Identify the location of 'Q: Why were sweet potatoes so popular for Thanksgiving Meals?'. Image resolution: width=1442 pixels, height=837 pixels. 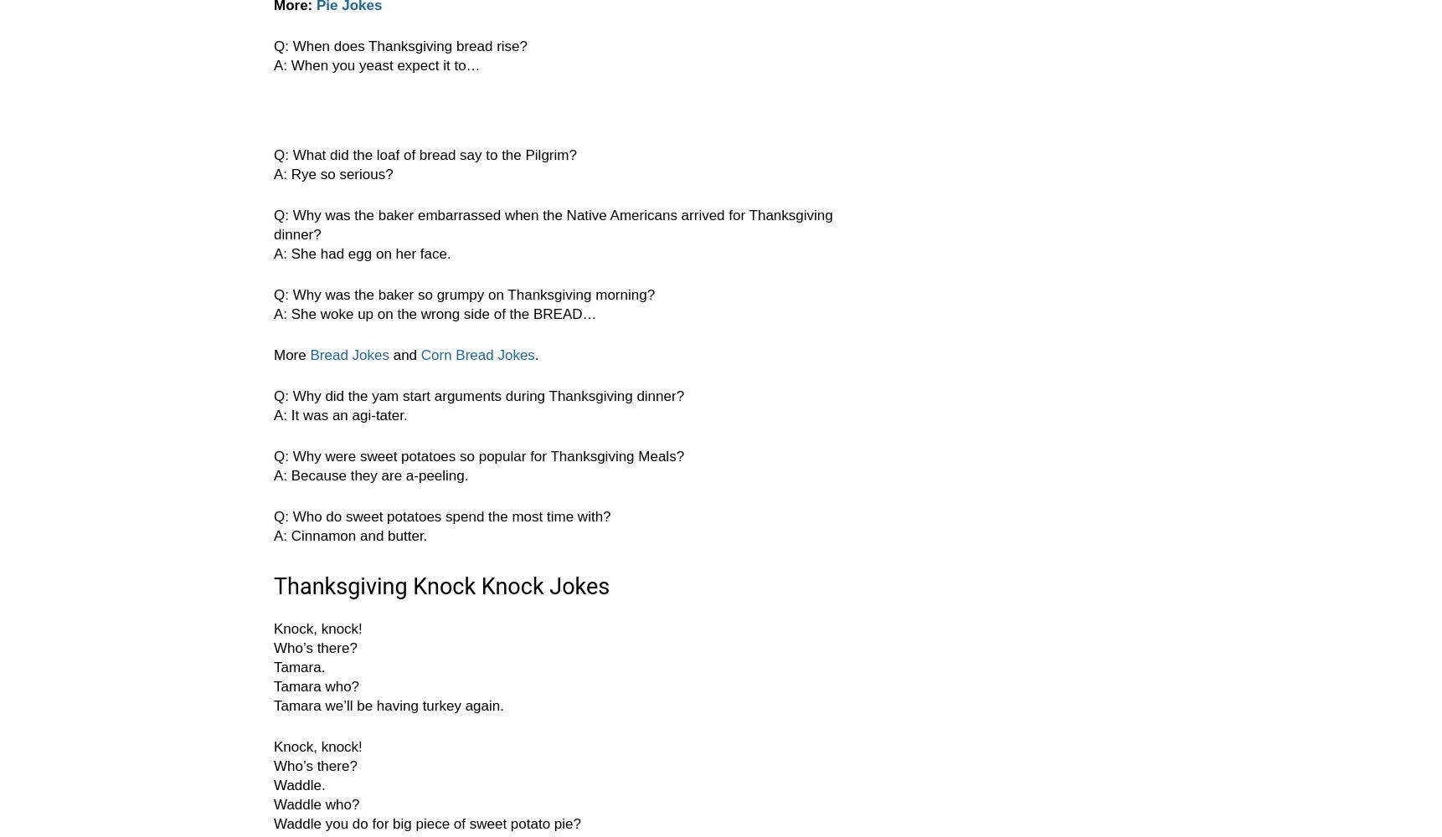
(478, 456).